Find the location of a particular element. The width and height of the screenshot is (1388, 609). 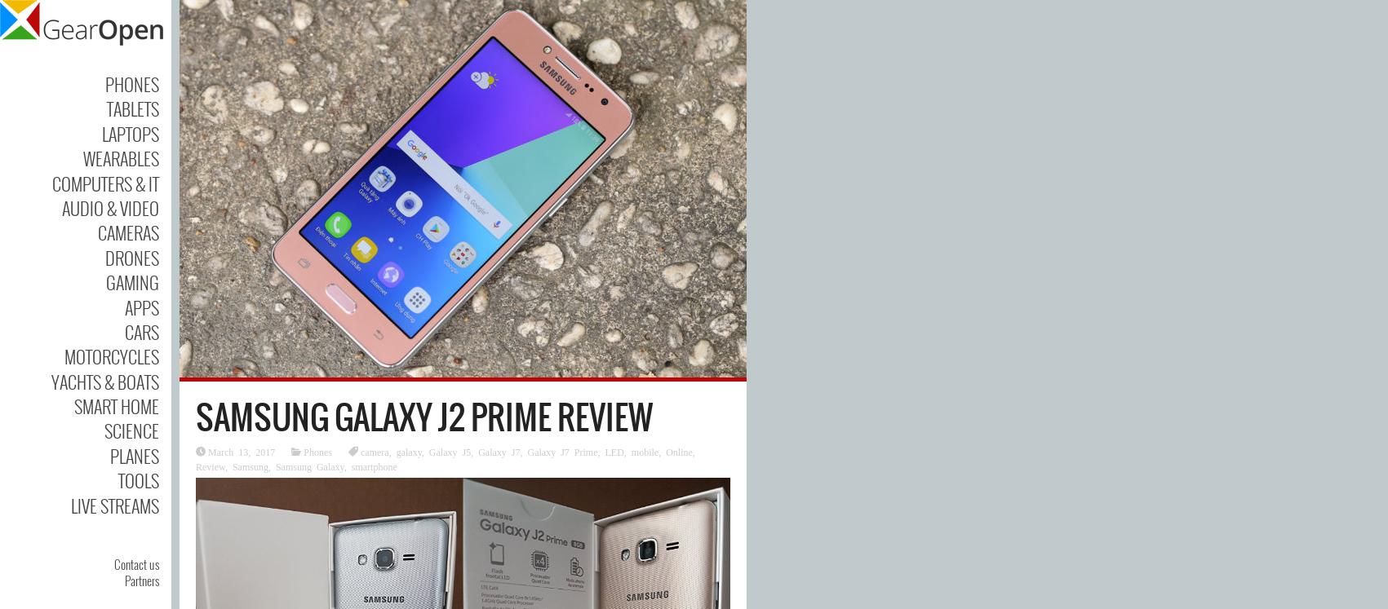

'LED' is located at coordinates (614, 450).